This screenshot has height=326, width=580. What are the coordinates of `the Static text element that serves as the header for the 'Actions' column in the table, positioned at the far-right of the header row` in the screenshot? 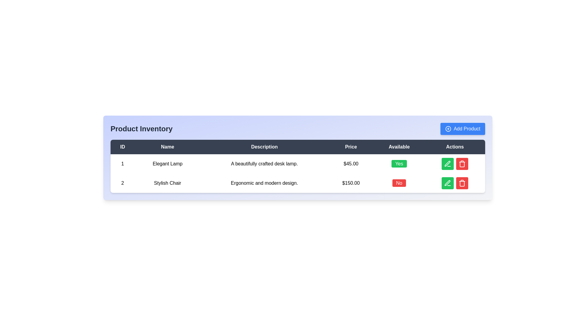 It's located at (455, 147).